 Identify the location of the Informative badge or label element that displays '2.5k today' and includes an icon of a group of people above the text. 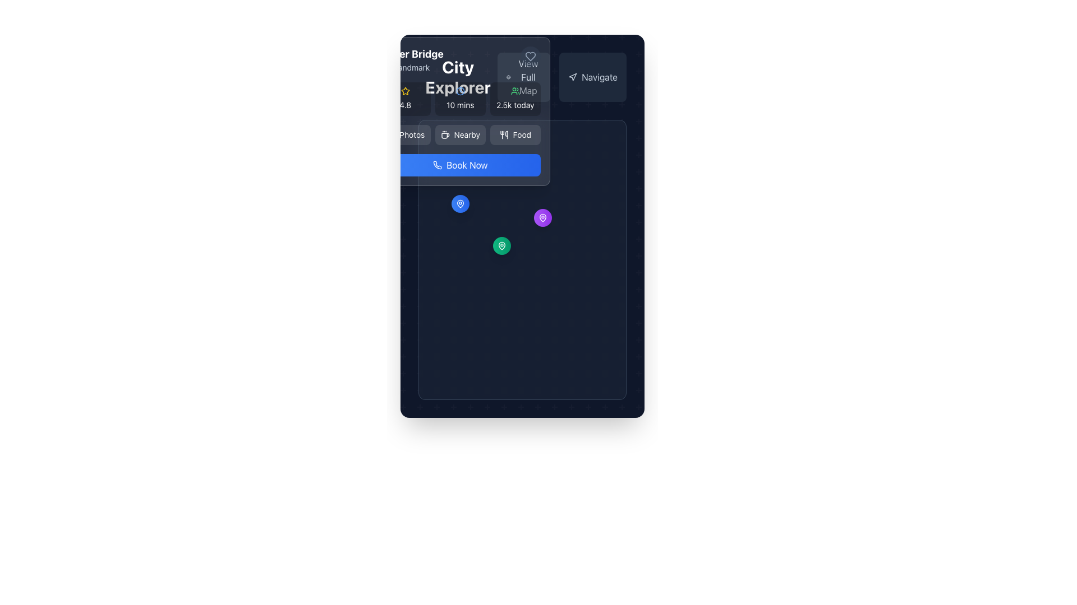
(514, 99).